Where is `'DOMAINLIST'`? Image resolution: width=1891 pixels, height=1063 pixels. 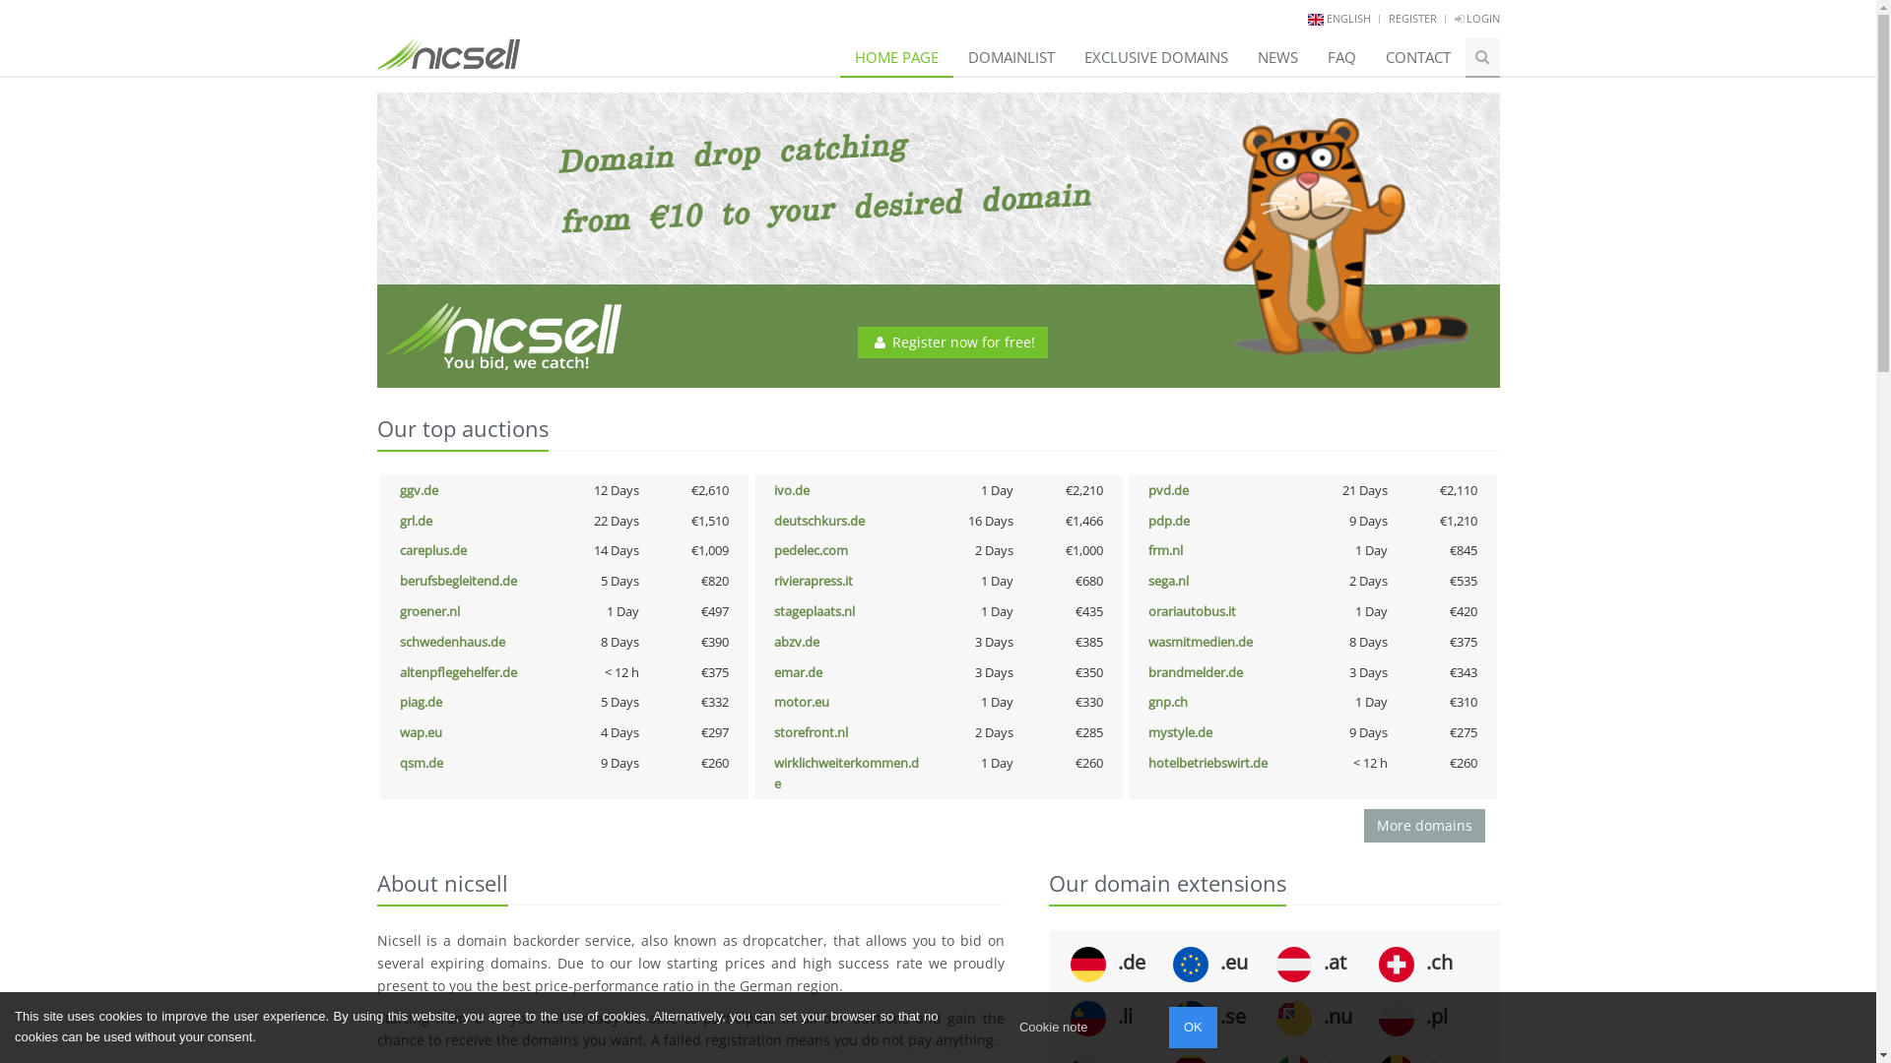
'DOMAINLIST' is located at coordinates (1011, 56).